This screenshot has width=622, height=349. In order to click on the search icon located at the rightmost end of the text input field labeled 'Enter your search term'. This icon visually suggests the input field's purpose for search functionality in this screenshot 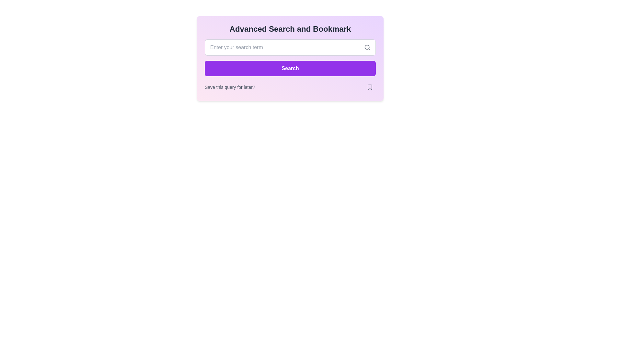, I will do `click(367, 47)`.